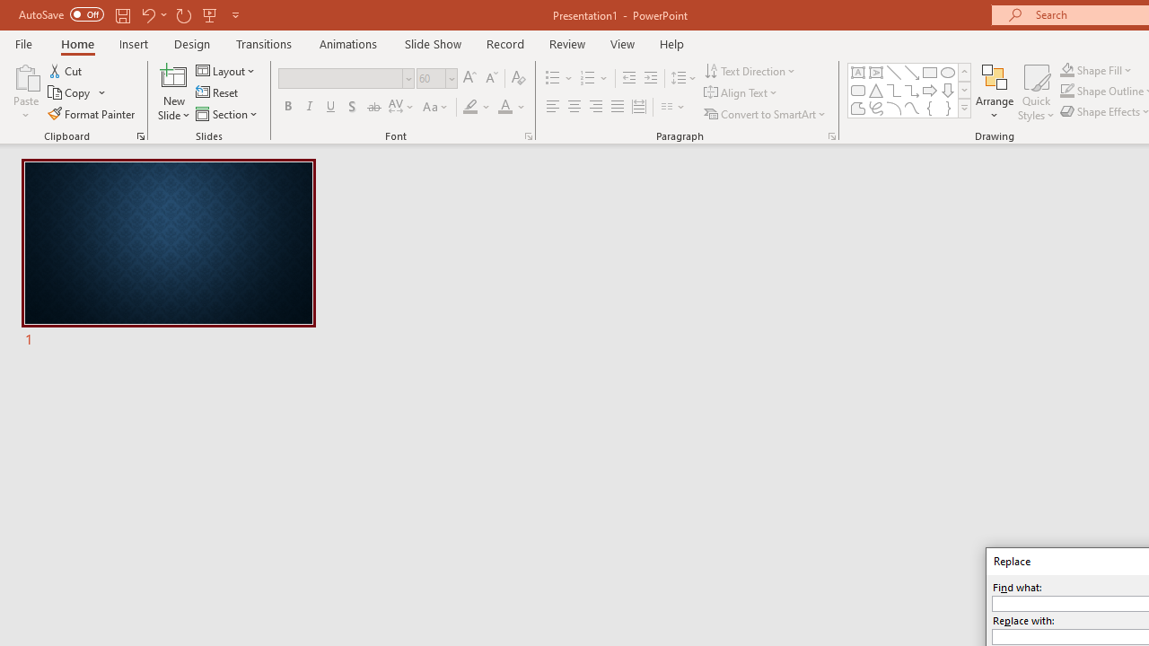  I want to click on 'Shape Outline Blue, Accent 1', so click(1067, 91).